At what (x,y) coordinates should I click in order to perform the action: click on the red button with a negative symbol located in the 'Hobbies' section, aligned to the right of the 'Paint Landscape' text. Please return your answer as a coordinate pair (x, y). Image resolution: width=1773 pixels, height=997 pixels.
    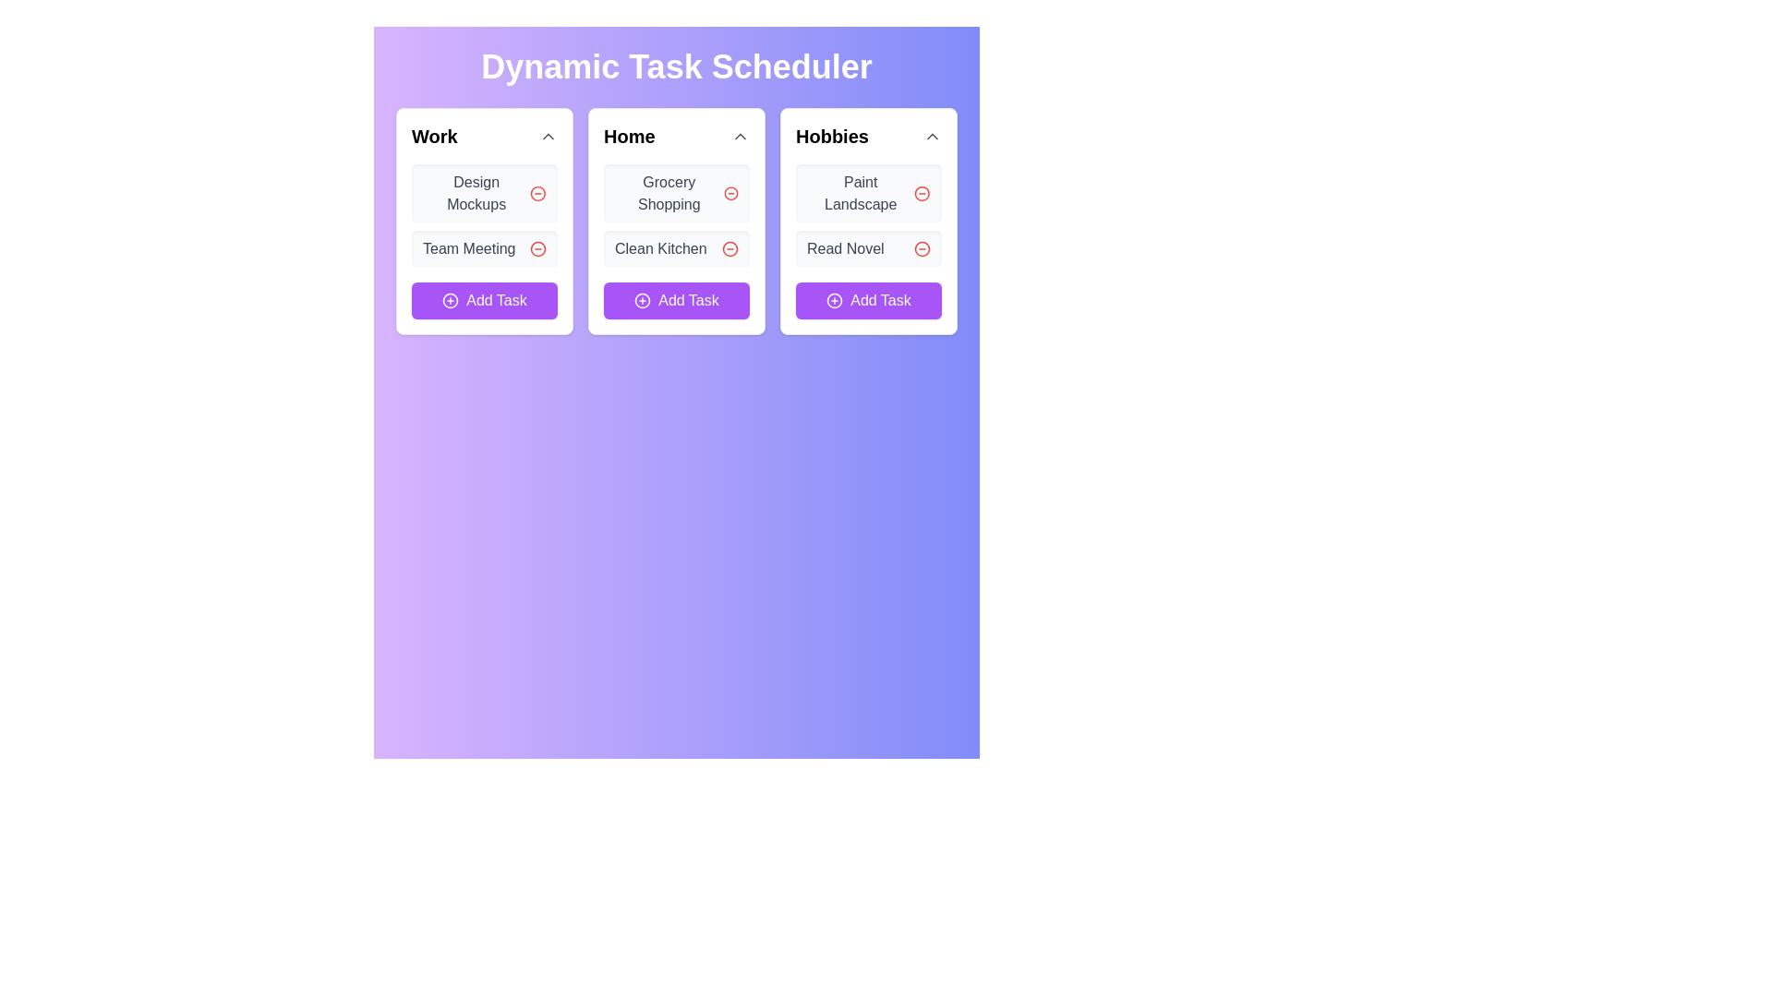
    Looking at the image, I should click on (923, 193).